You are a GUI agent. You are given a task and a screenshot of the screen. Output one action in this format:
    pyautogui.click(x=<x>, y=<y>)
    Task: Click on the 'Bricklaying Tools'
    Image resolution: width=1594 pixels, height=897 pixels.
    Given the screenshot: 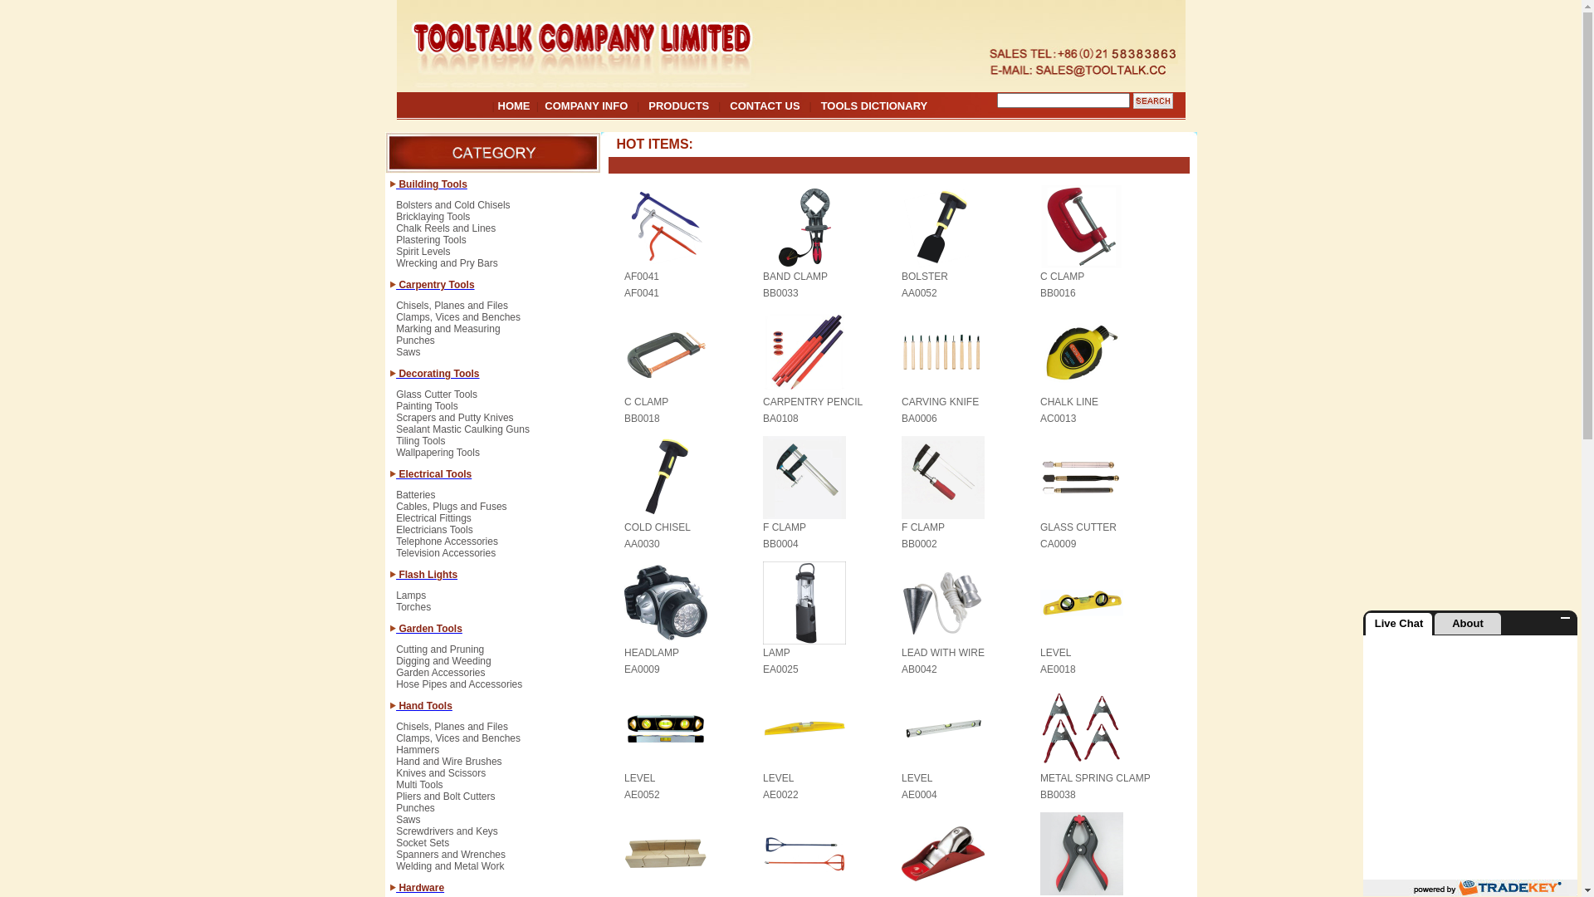 What is the action you would take?
    pyautogui.click(x=433, y=221)
    